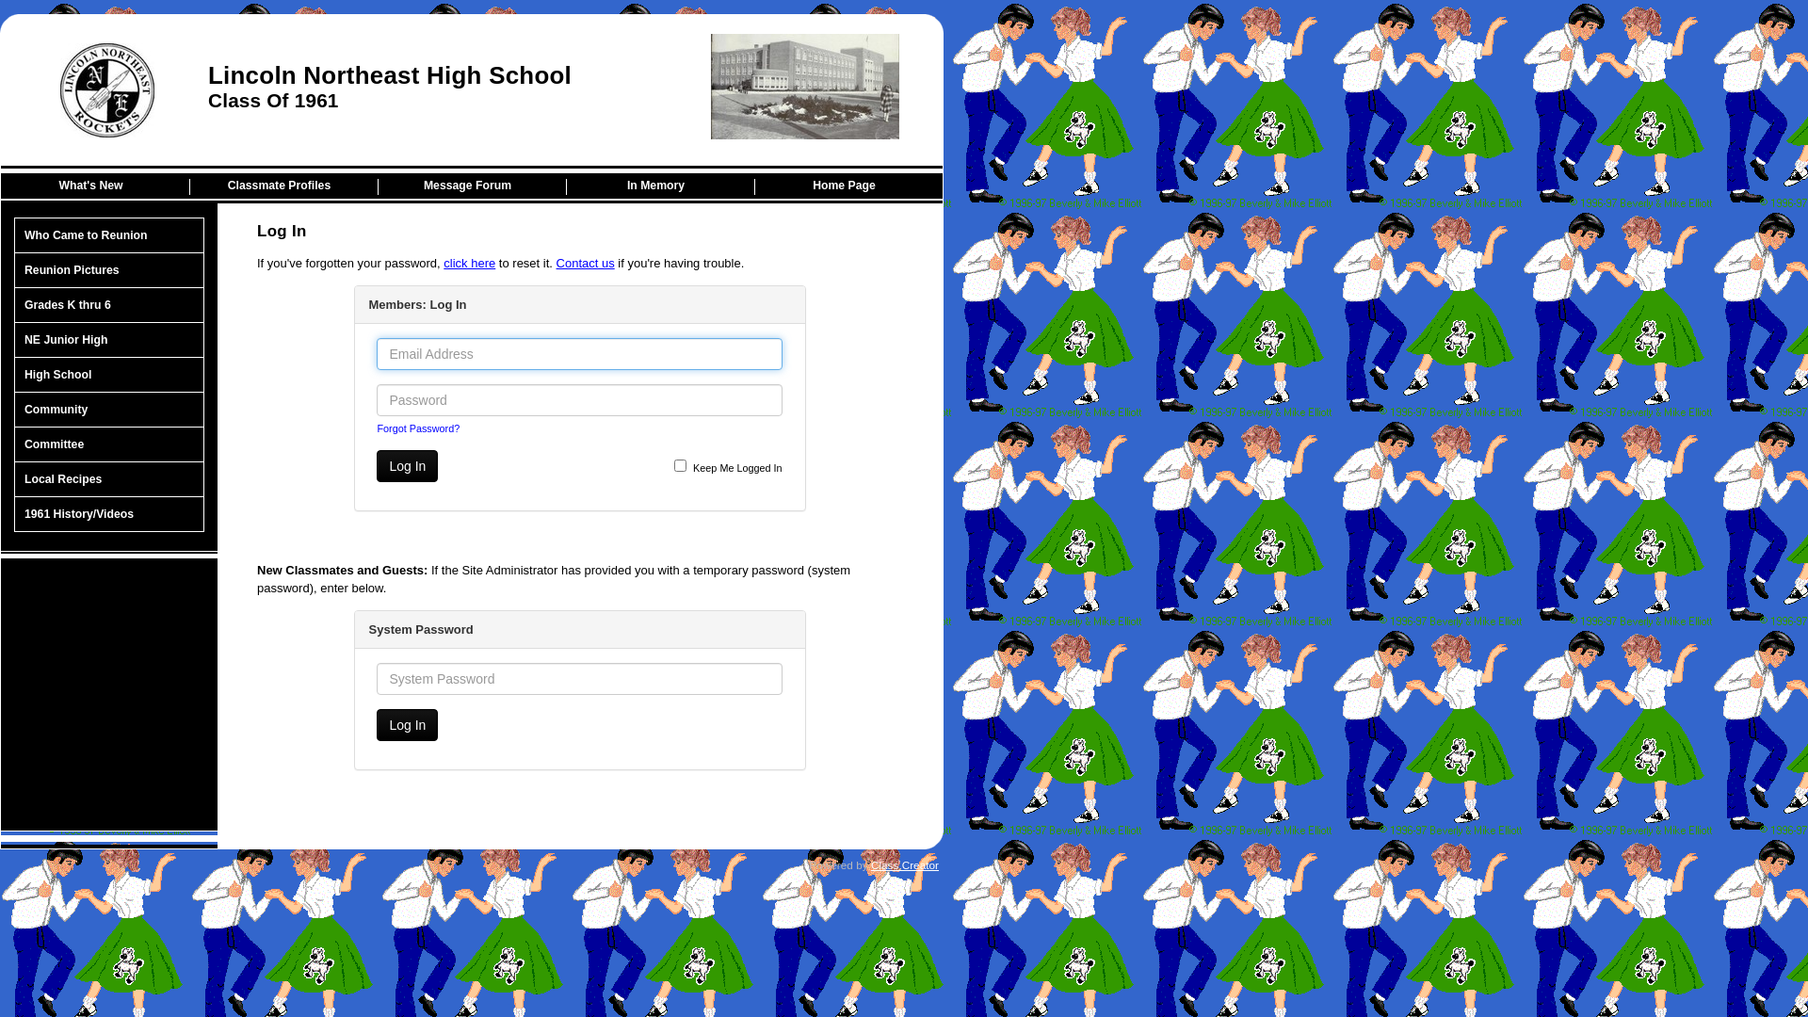  What do you see at coordinates (904, 864) in the screenshot?
I see `'Class Creator'` at bounding box center [904, 864].